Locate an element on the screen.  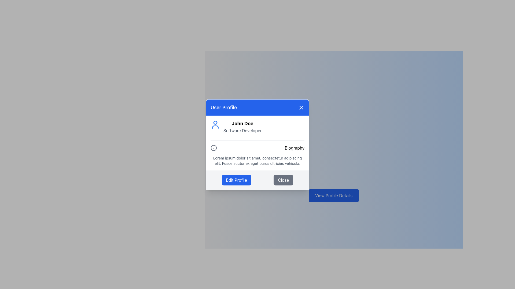
the 'Close' button with rounded corners and a grey background, located in the footer of the modal is located at coordinates (283, 180).